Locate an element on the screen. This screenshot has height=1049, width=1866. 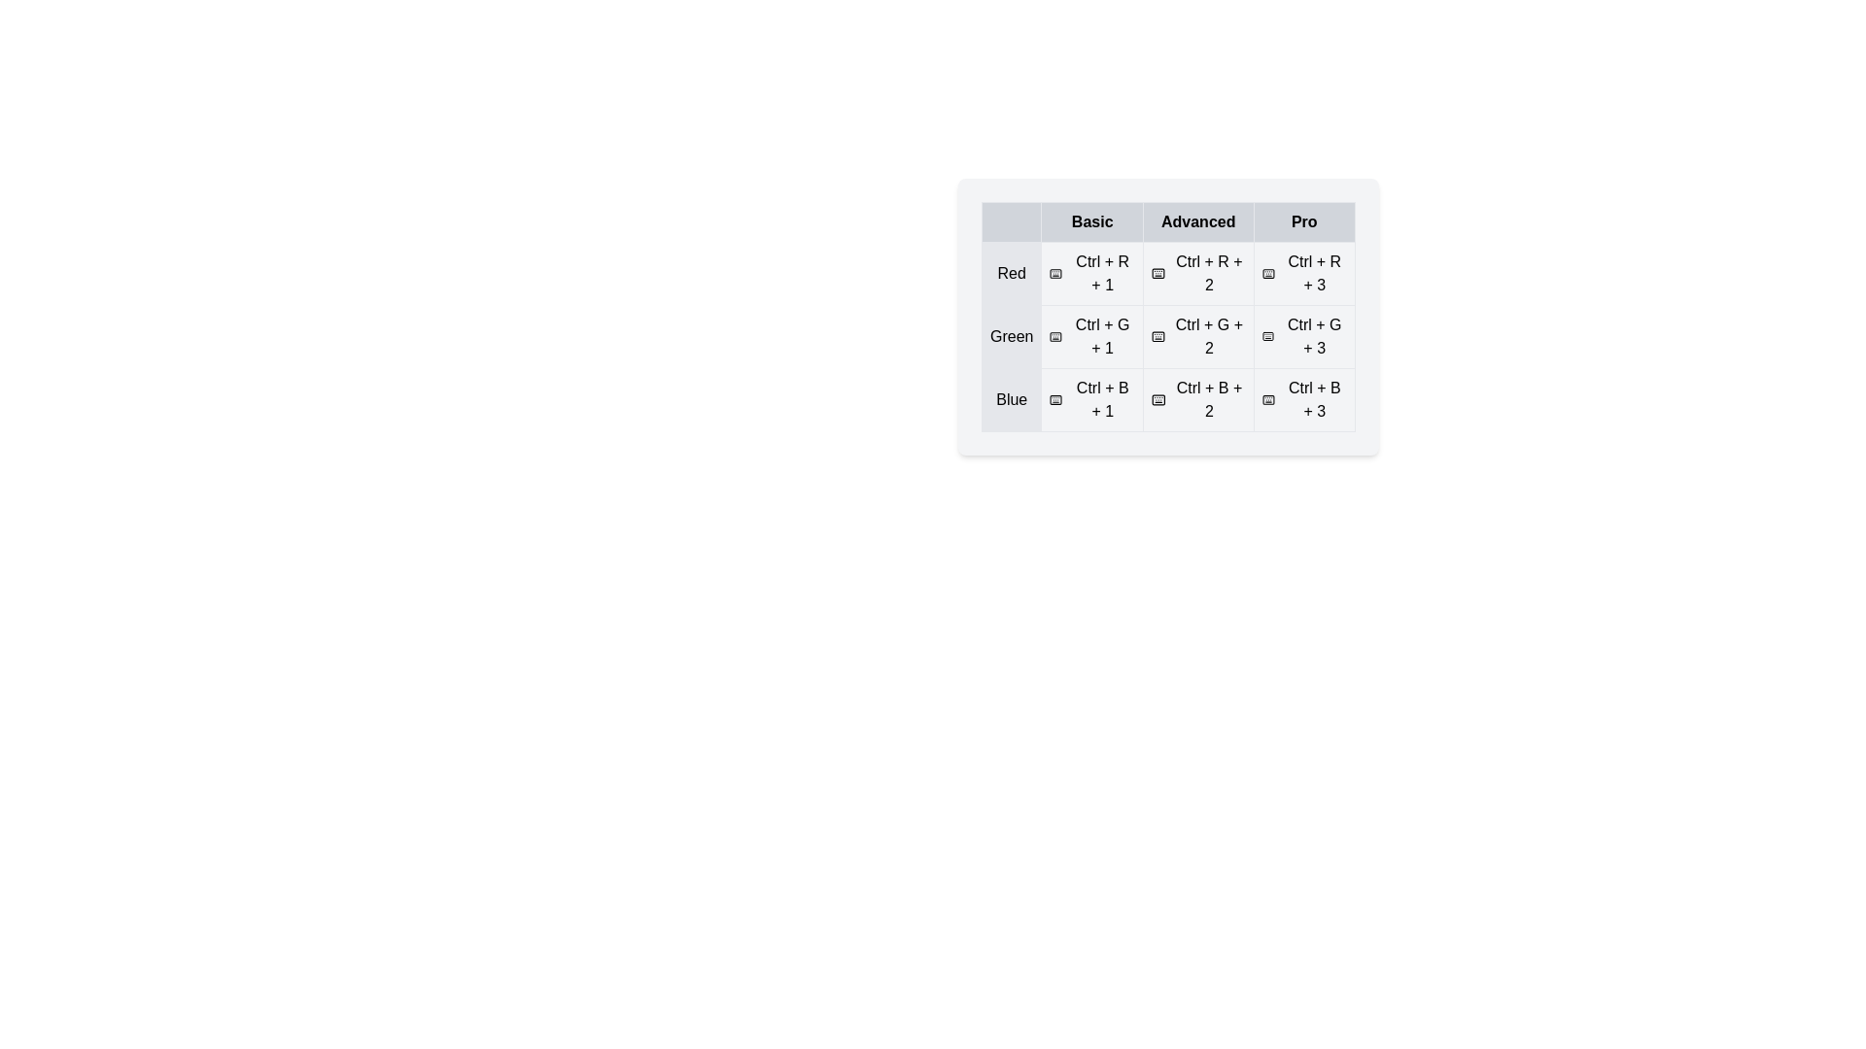
the graphical representation element in the 'Advanced' column, row for 'Green', which indicates the 'Ctrl+G+2' shortcut is located at coordinates (1158, 336).